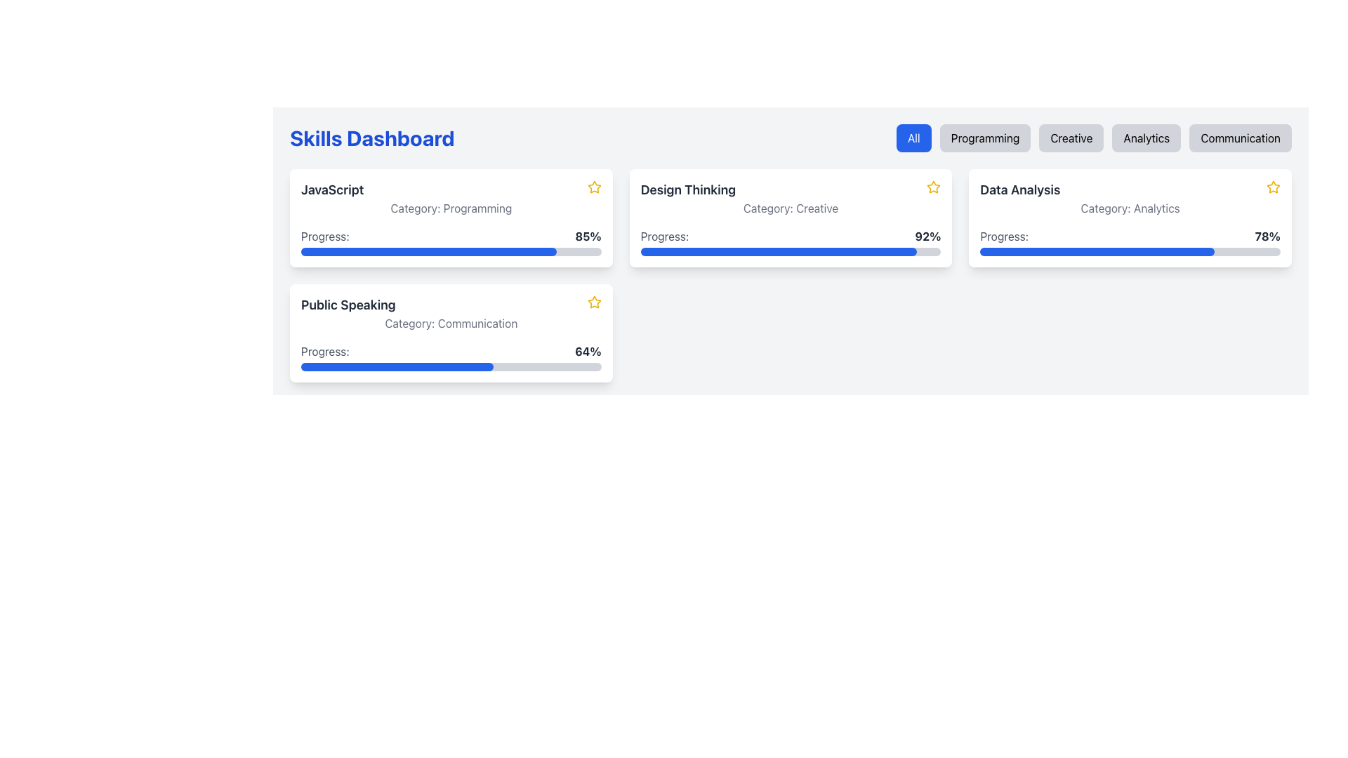 This screenshot has height=758, width=1348. Describe the element at coordinates (913, 138) in the screenshot. I see `the filter button located in the upper-right section of the interface` at that location.